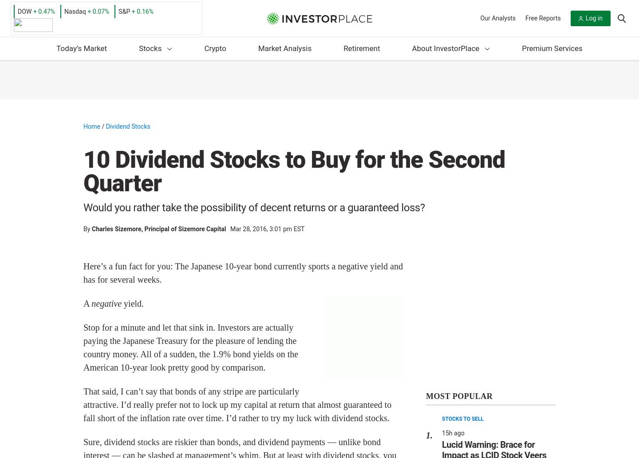 The width and height of the screenshot is (639, 458). I want to click on 'Hot Stocks', so click(170, 100).